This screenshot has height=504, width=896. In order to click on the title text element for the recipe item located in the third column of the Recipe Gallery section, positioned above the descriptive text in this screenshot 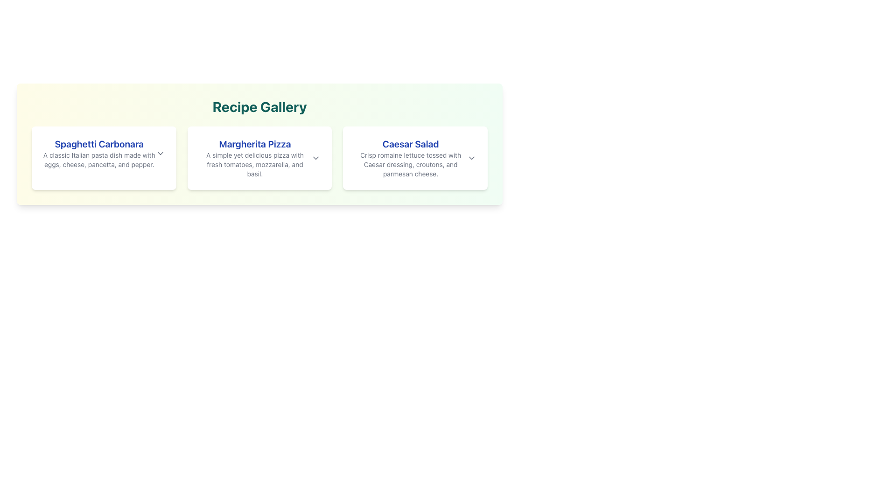, I will do `click(411, 144)`.